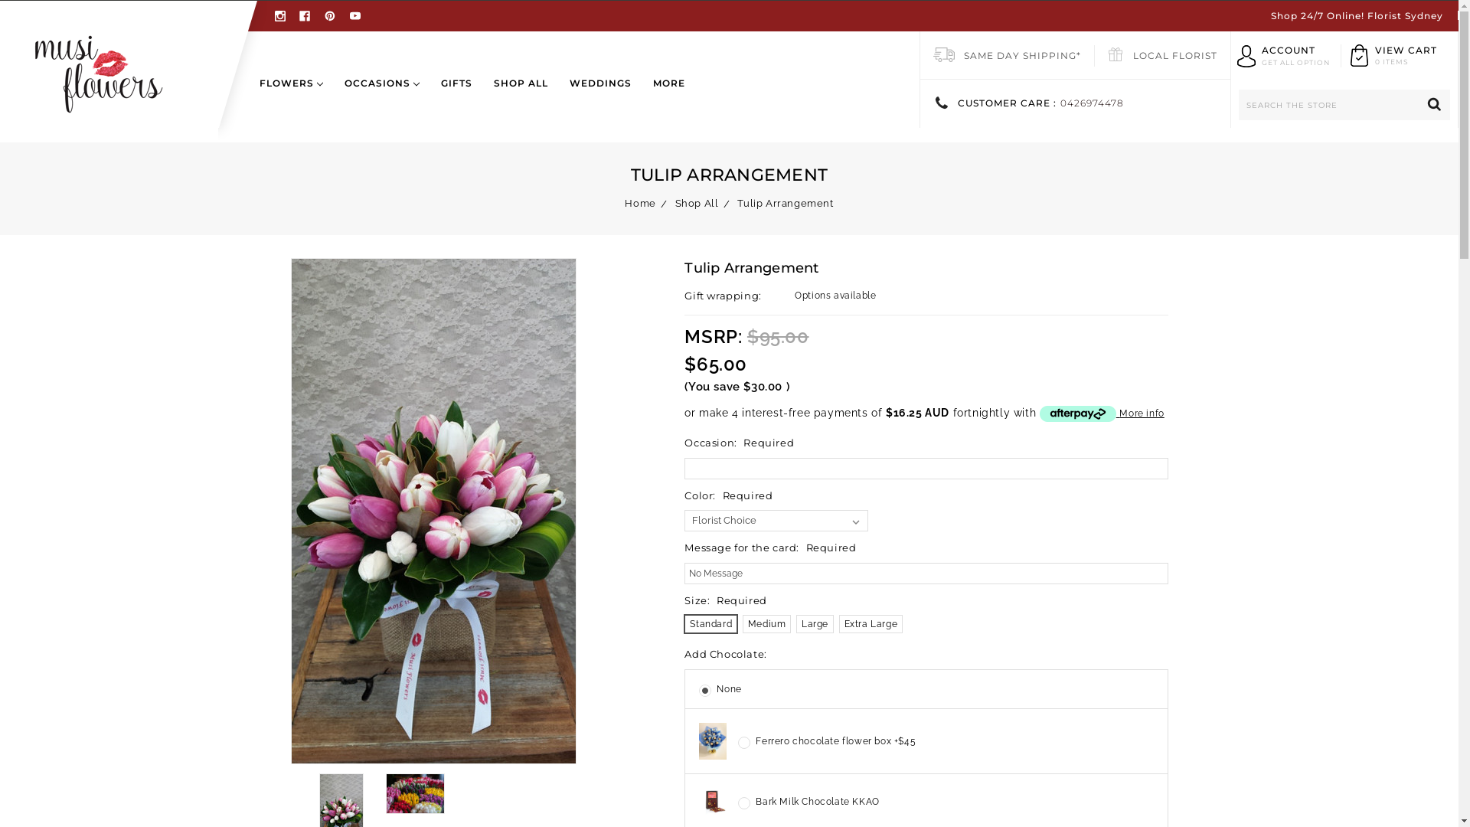 The image size is (1470, 827). Describe the element at coordinates (296, 94) in the screenshot. I see `'FLOWERS'` at that location.